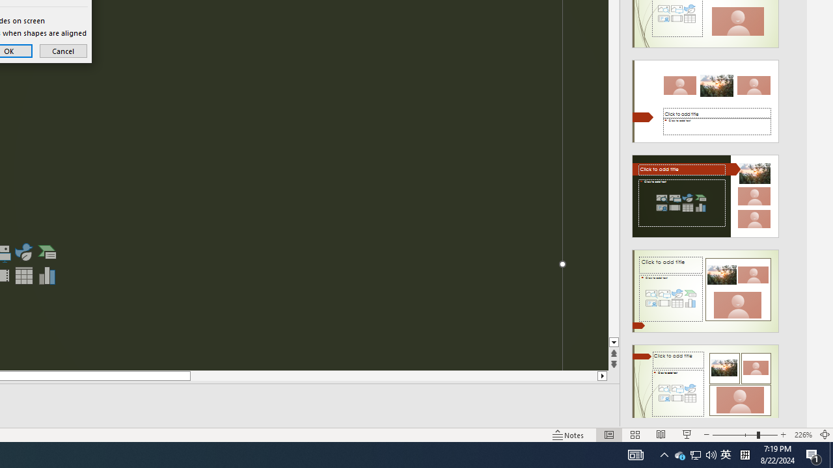 The width and height of the screenshot is (833, 468). What do you see at coordinates (48, 252) in the screenshot?
I see `'Insert a SmartArt Graphic'` at bounding box center [48, 252].